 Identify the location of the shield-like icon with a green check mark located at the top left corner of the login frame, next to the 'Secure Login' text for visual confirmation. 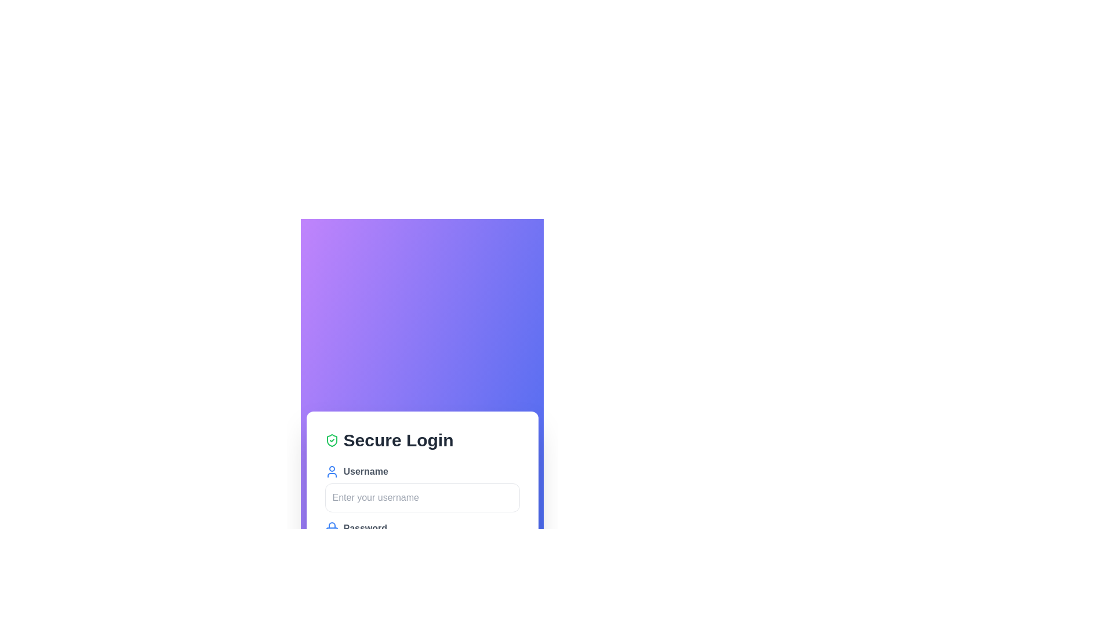
(331, 440).